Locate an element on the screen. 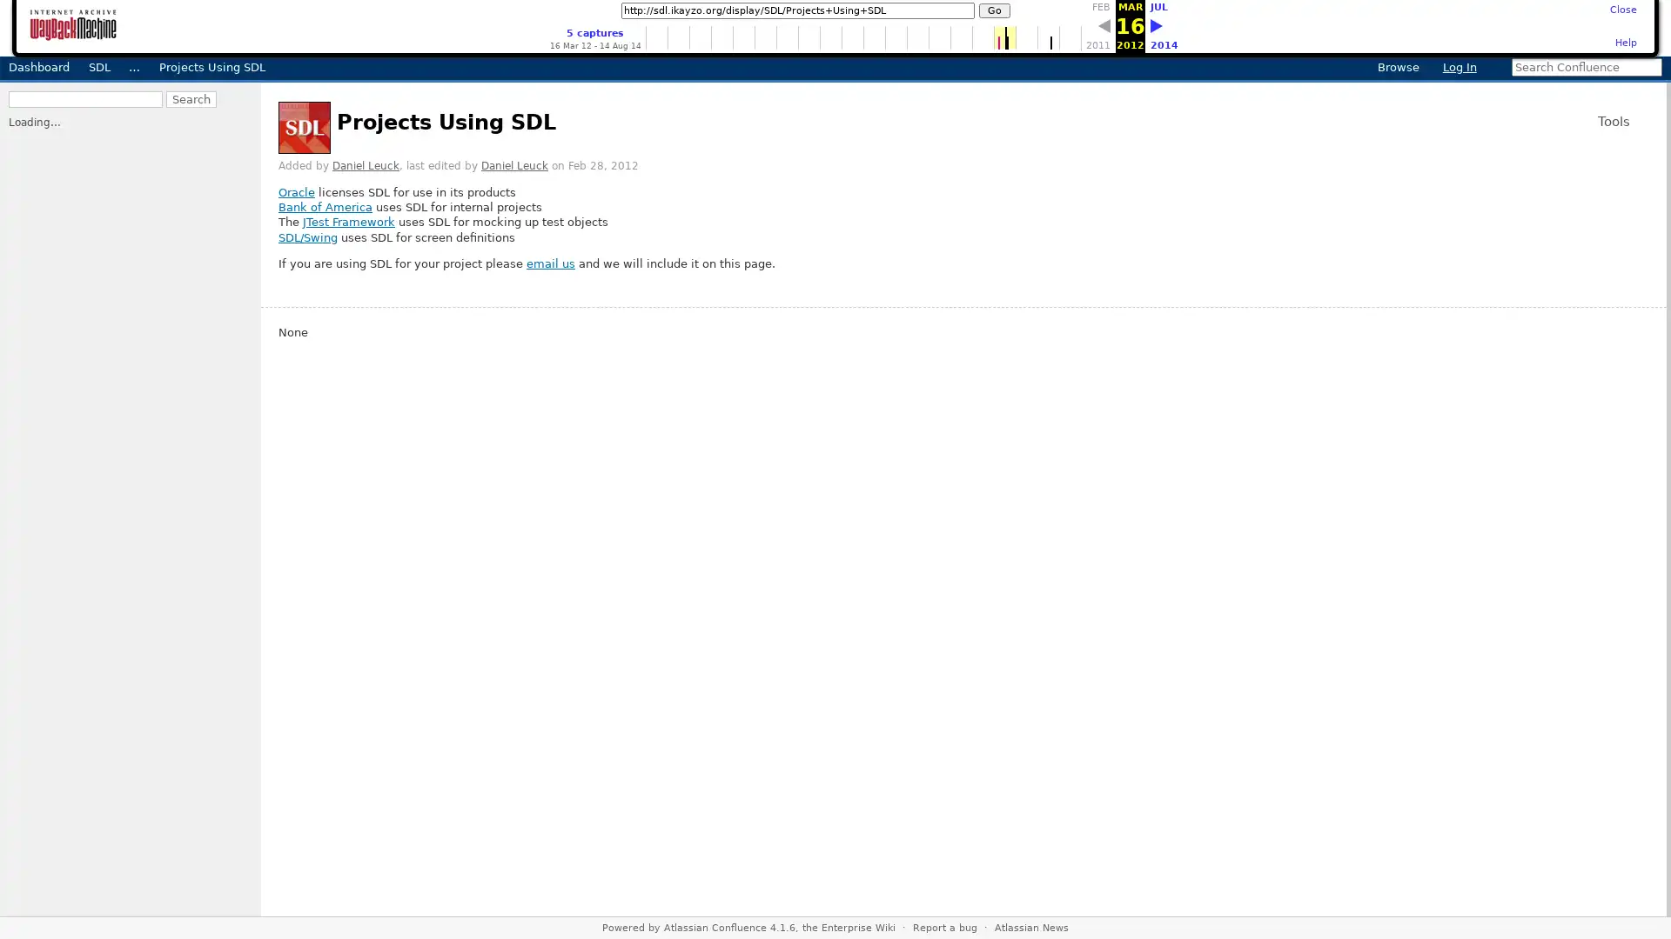 Image resolution: width=1671 pixels, height=939 pixels. Go is located at coordinates (994, 10).